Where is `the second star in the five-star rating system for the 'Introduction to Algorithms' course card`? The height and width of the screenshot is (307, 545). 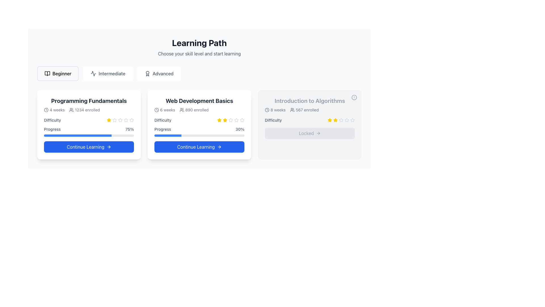
the second star in the five-star rating system for the 'Introduction to Algorithms' course card is located at coordinates (335, 120).